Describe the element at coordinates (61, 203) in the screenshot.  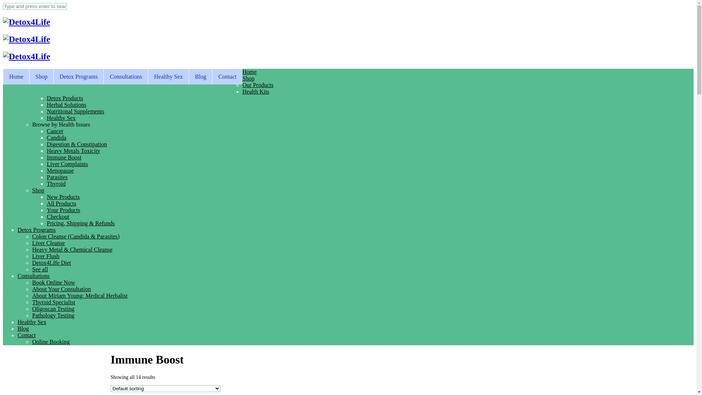
I see `'All Products'` at that location.